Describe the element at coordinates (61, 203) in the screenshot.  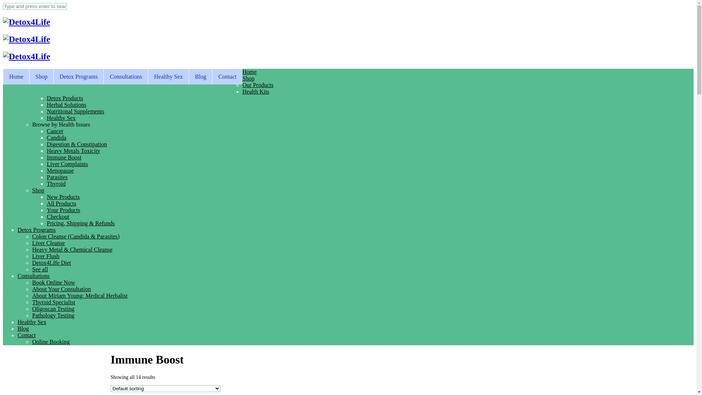
I see `'All Products'` at that location.